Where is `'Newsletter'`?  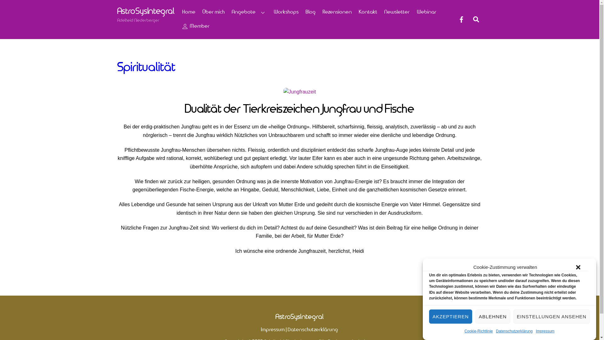
'Newsletter' is located at coordinates (397, 12).